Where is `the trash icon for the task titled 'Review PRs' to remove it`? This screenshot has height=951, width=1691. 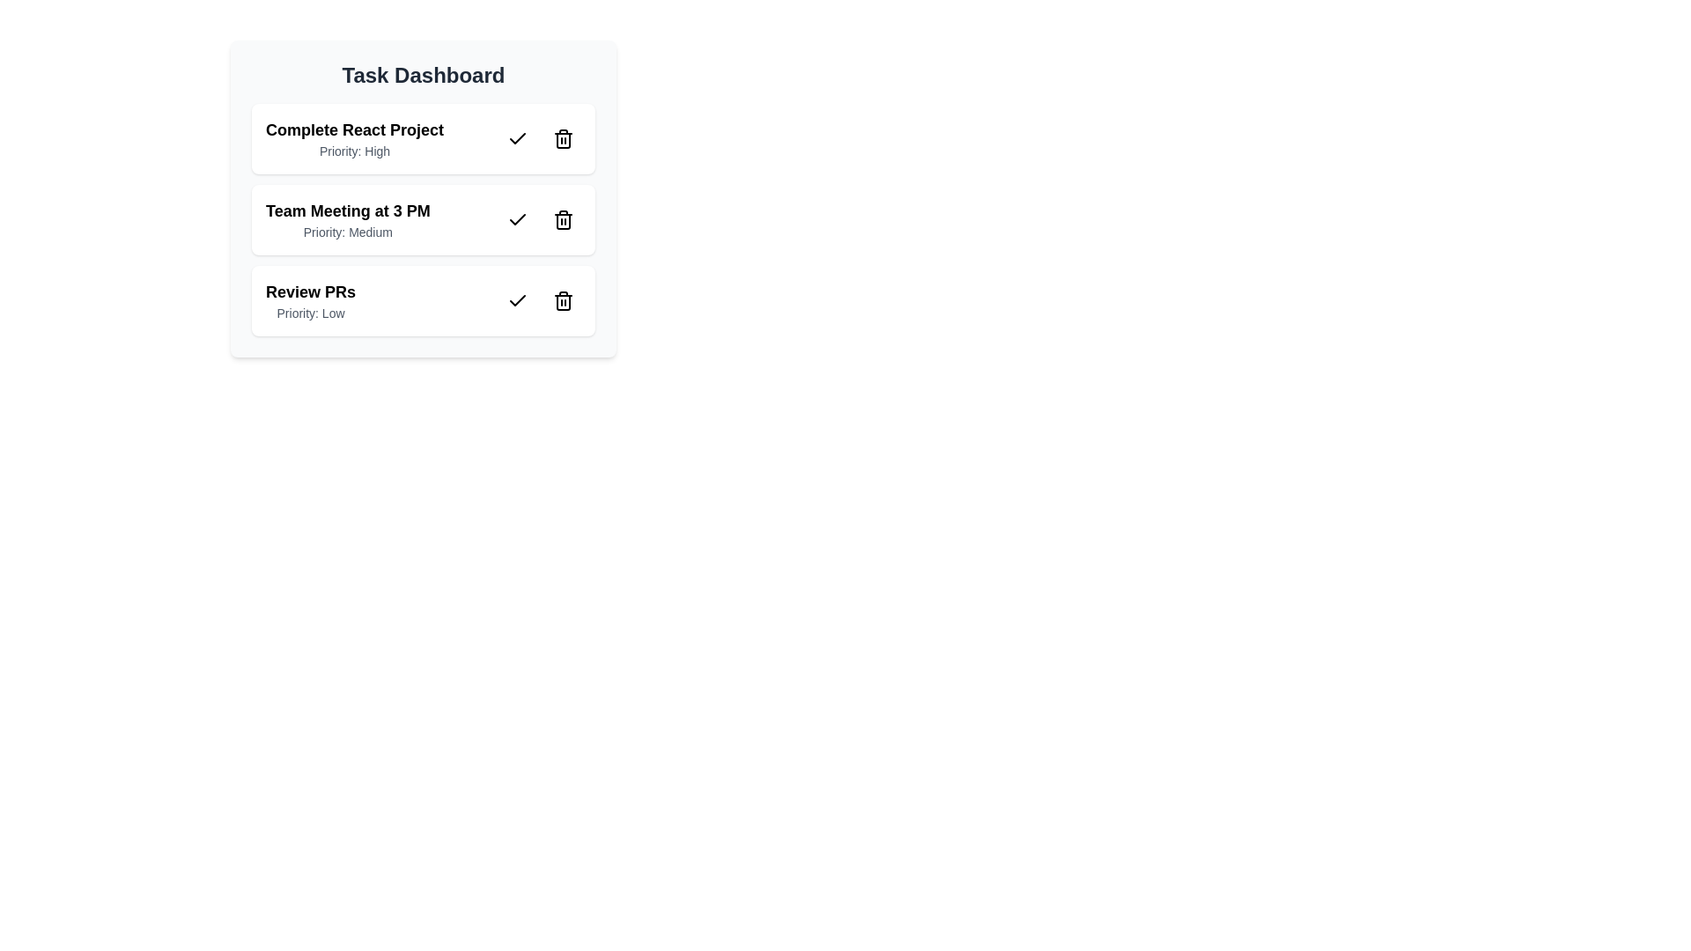 the trash icon for the task titled 'Review PRs' to remove it is located at coordinates (562, 300).